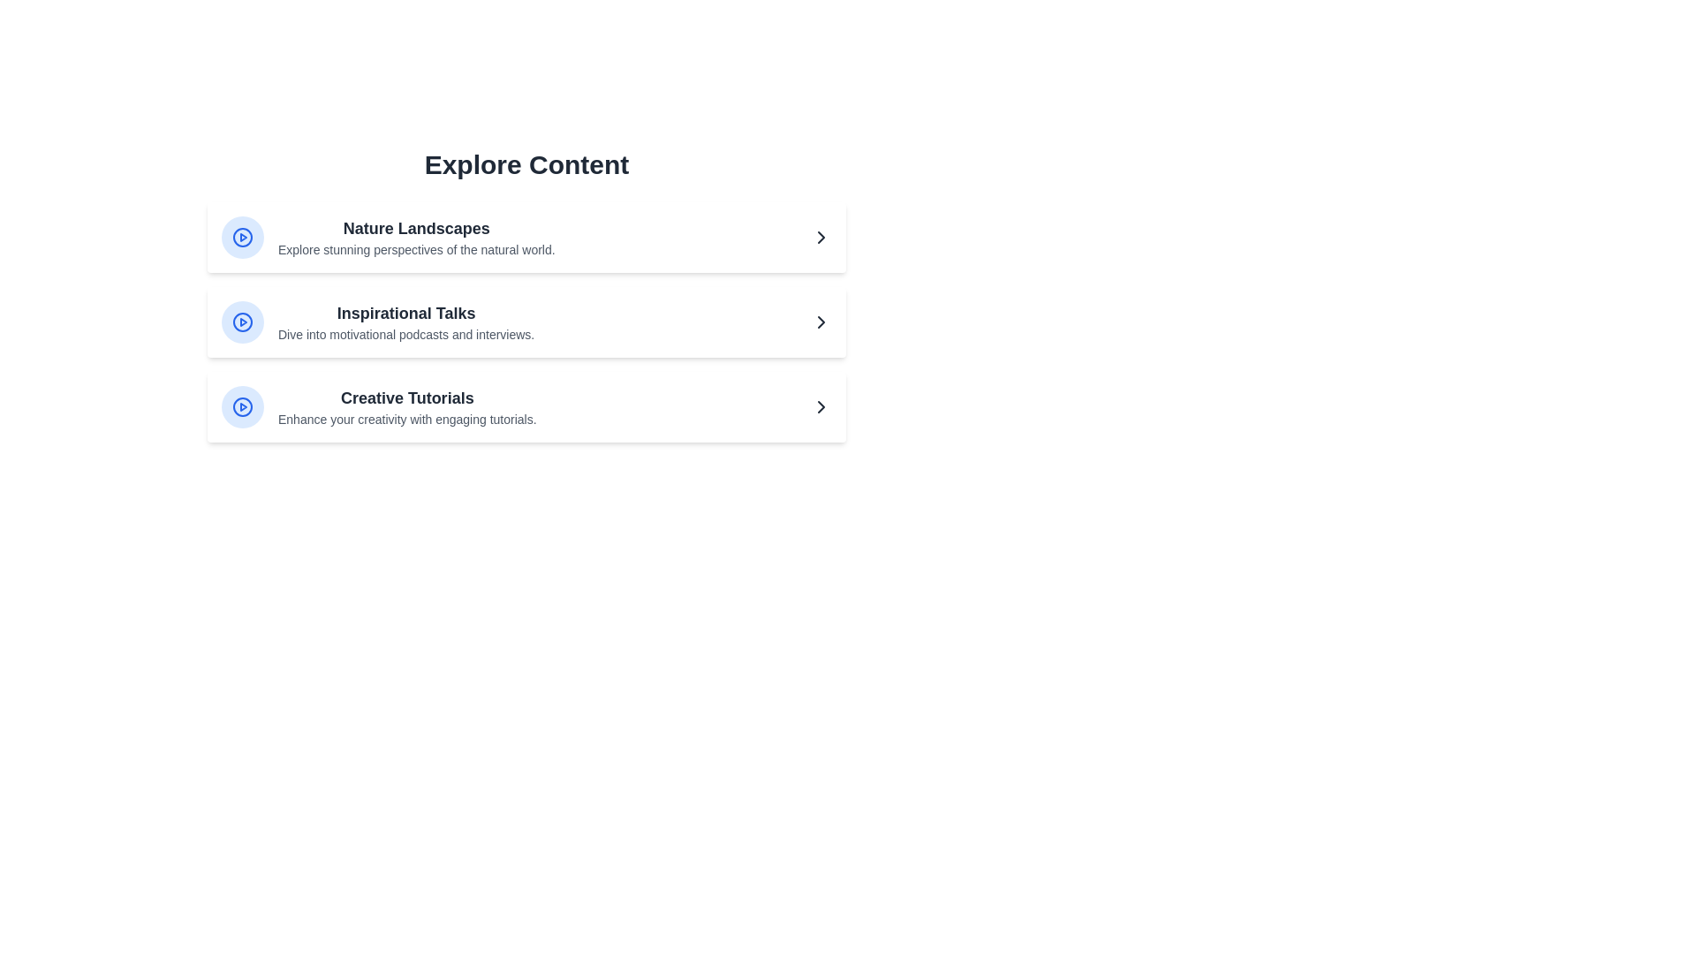 The width and height of the screenshot is (1696, 954). What do you see at coordinates (821, 237) in the screenshot?
I see `the arrow button for Nature Landscapes to navigate to more details` at bounding box center [821, 237].